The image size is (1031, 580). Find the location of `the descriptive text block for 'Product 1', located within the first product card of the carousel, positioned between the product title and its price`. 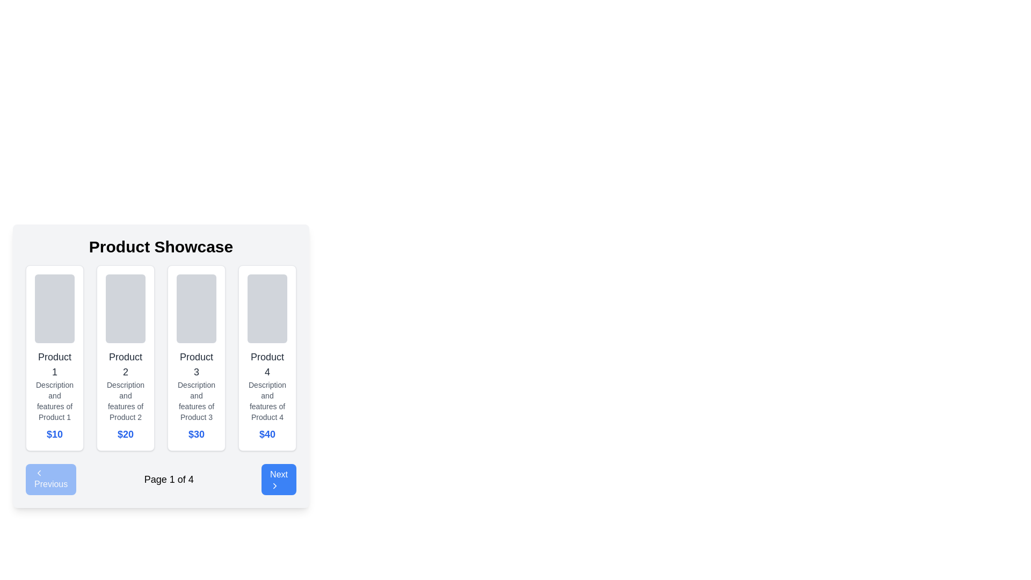

the descriptive text block for 'Product 1', located within the first product card of the carousel, positioned between the product title and its price is located at coordinates (54, 401).